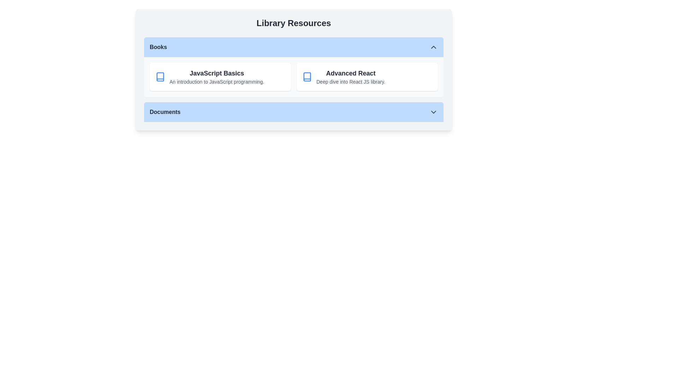 The height and width of the screenshot is (381, 678). I want to click on the decorative book icon located to the left of the 'Advanced React' text in the 'Books' section of the 'Library Resources' interface, so click(307, 77).